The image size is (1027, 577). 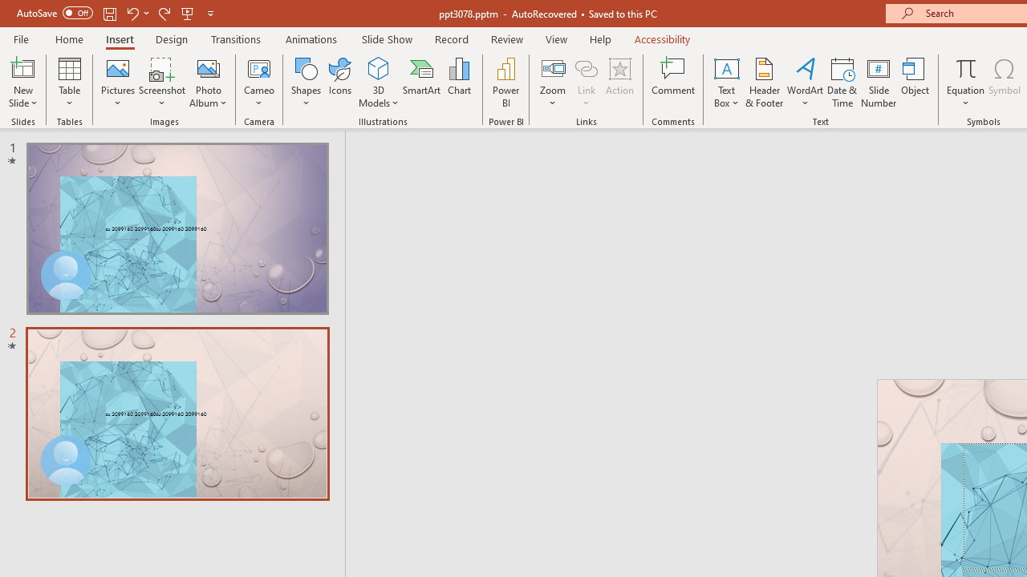 I want to click on 'Object...', so click(x=915, y=83).